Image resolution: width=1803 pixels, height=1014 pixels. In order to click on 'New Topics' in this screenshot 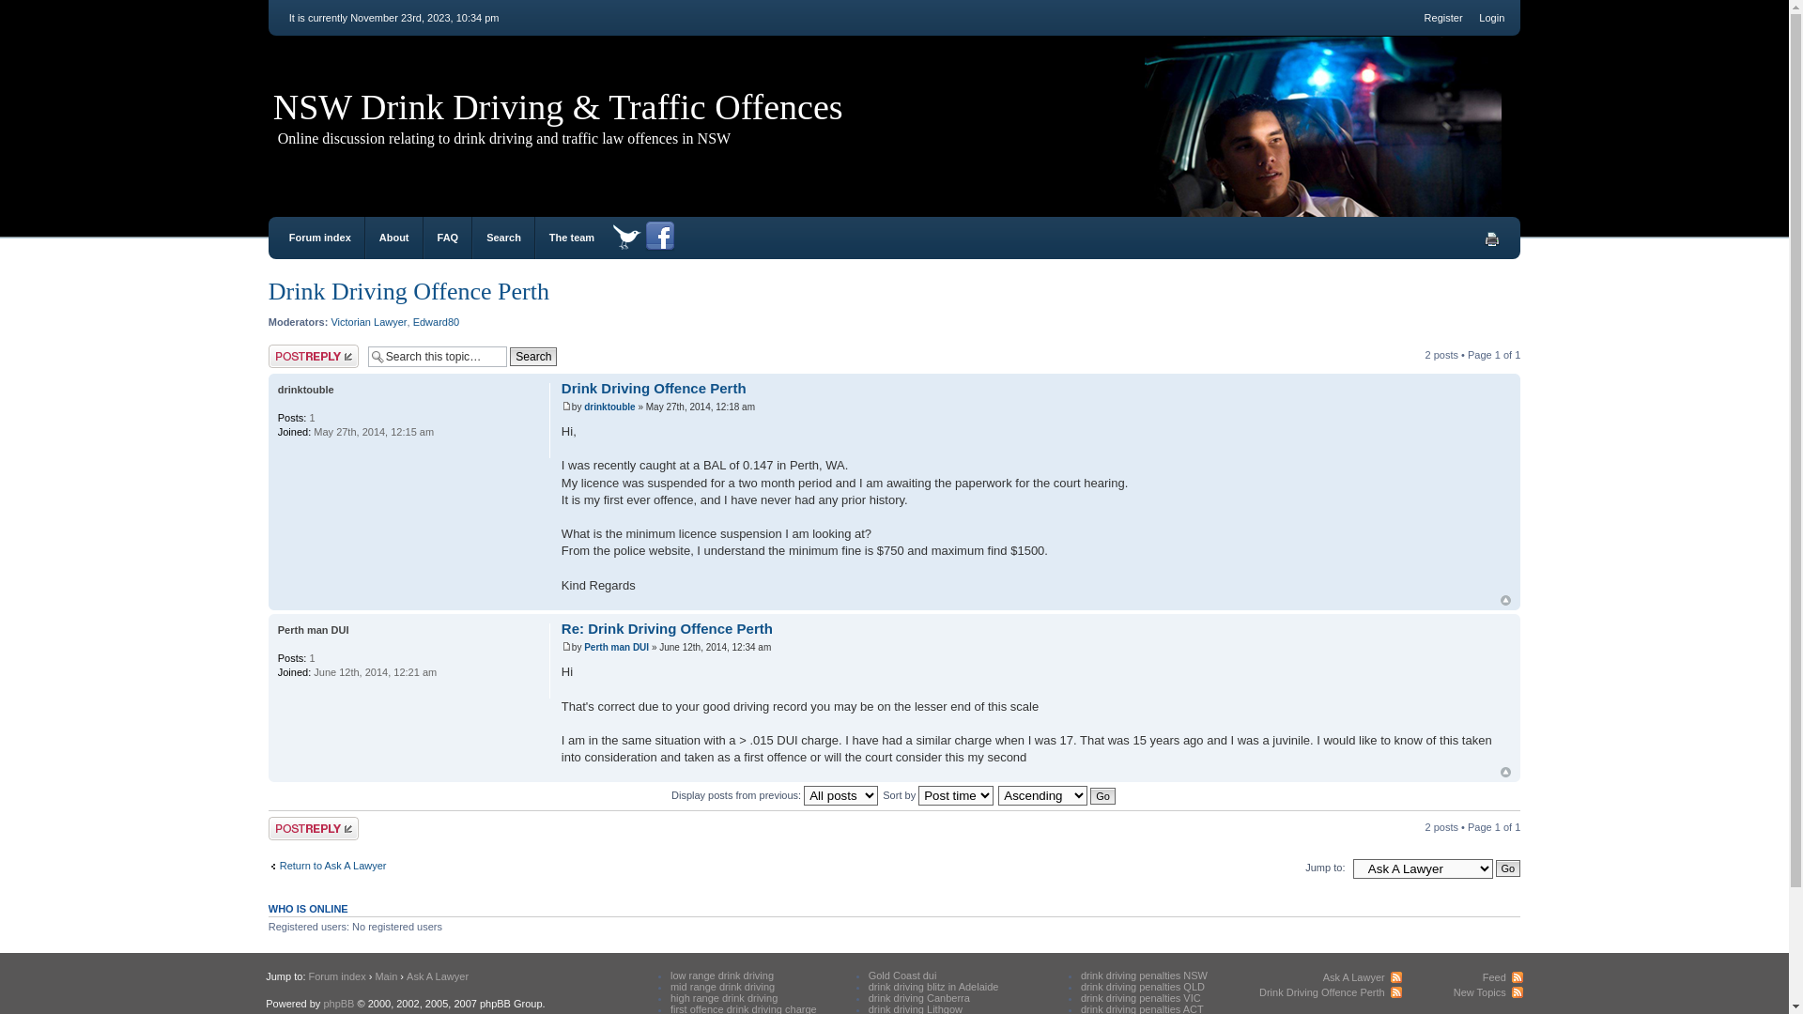, I will do `click(1487, 991)`.